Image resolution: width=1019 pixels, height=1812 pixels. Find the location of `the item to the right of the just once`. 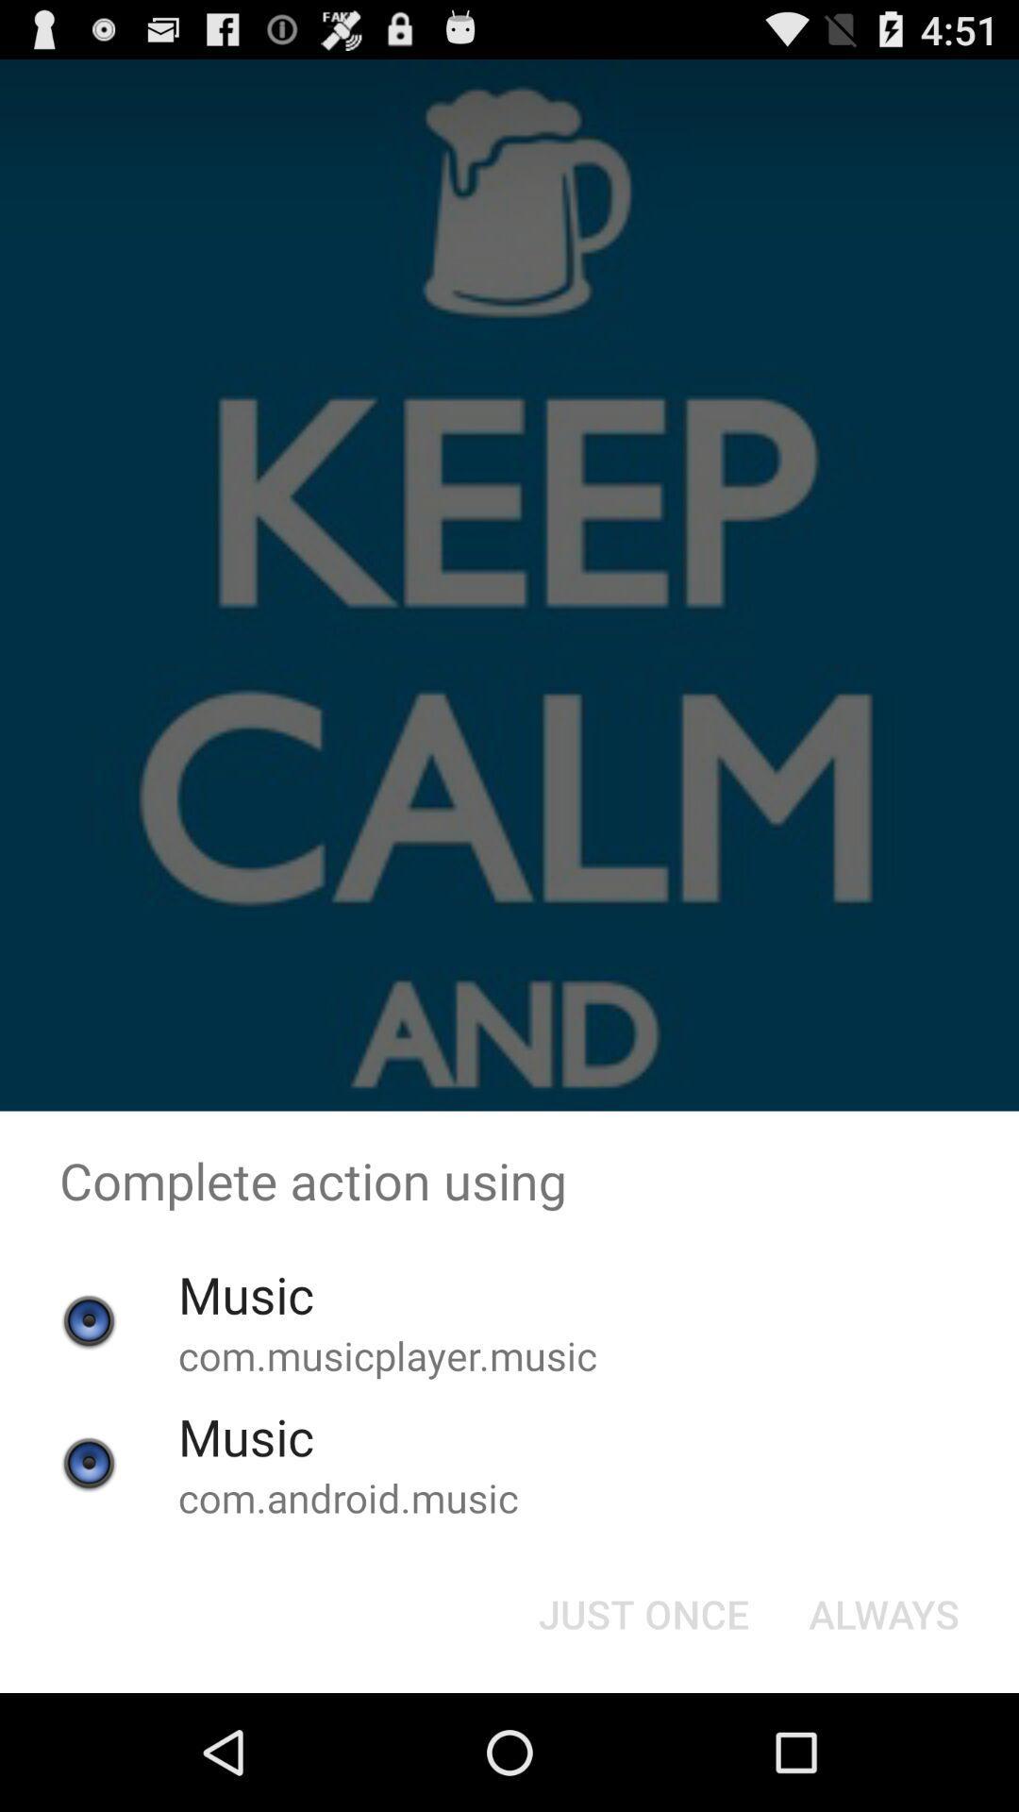

the item to the right of the just once is located at coordinates (884, 1612).